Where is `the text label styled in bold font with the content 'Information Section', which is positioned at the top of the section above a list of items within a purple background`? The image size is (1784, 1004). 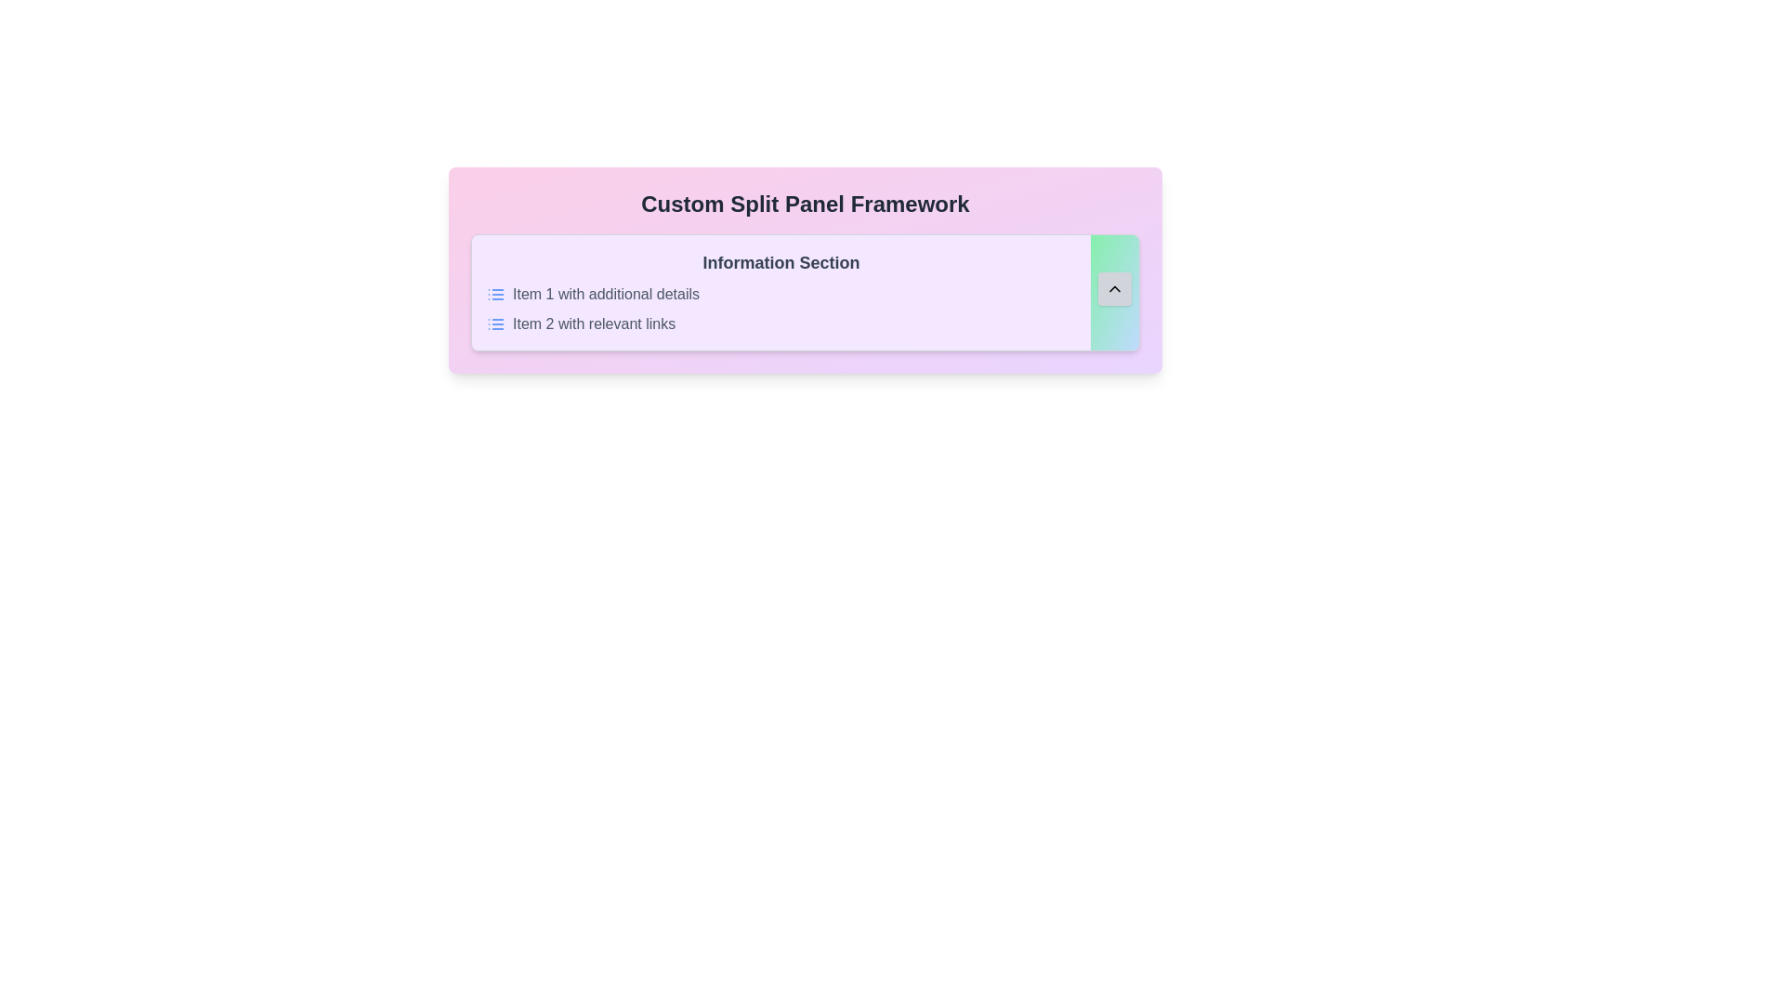 the text label styled in bold font with the content 'Information Section', which is positioned at the top of the section above a list of items within a purple background is located at coordinates (780, 262).